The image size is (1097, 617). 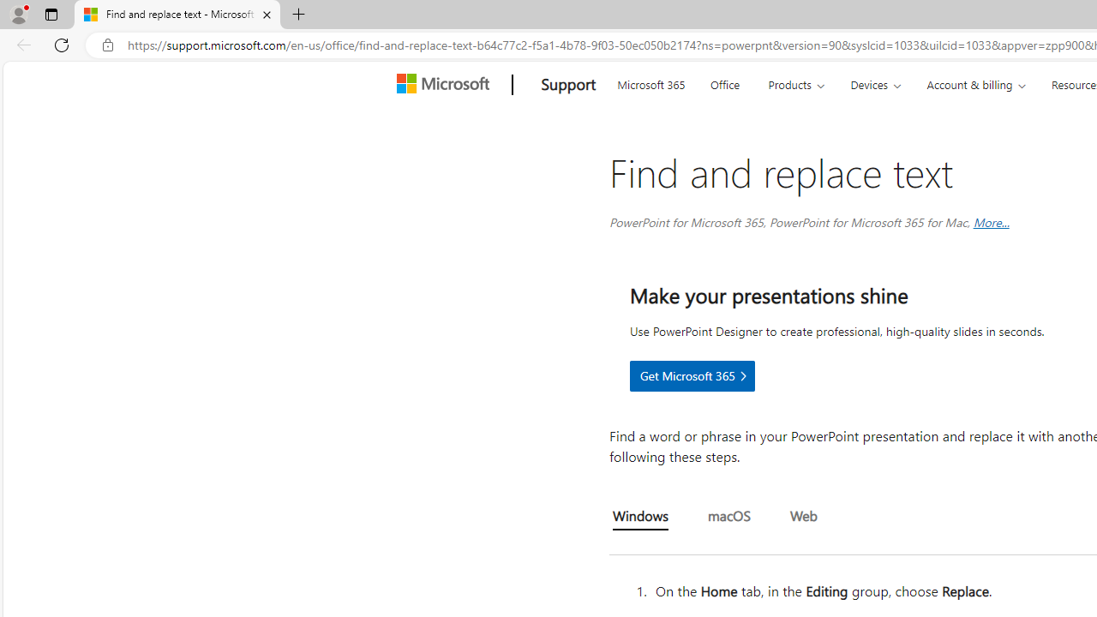 What do you see at coordinates (177, 15) in the screenshot?
I see `'Find and replace text - Microsoft Support'` at bounding box center [177, 15].